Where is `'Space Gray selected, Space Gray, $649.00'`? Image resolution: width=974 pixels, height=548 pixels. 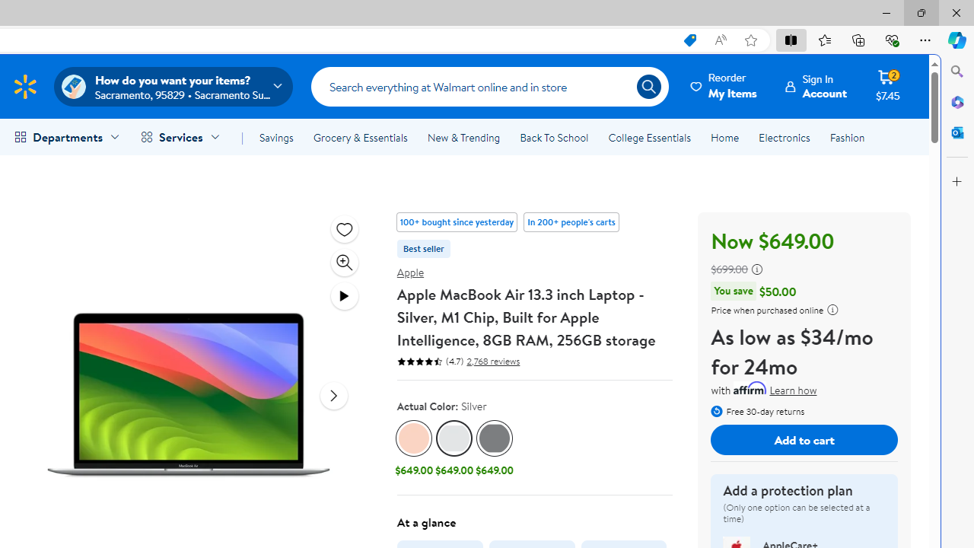
'Space Gray selected, Space Gray, $649.00' is located at coordinates (495, 449).